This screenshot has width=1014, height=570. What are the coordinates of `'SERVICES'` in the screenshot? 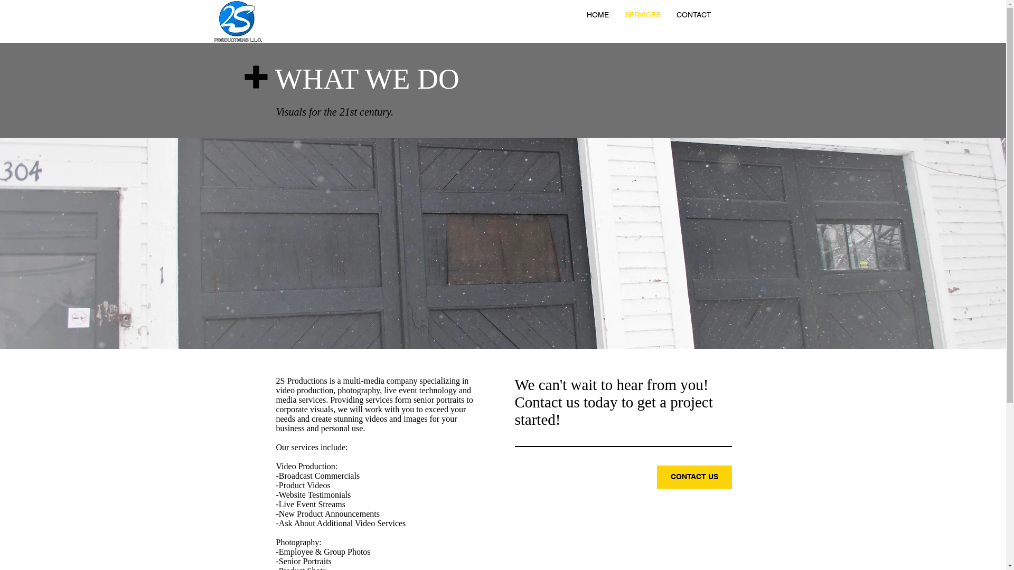 It's located at (642, 14).